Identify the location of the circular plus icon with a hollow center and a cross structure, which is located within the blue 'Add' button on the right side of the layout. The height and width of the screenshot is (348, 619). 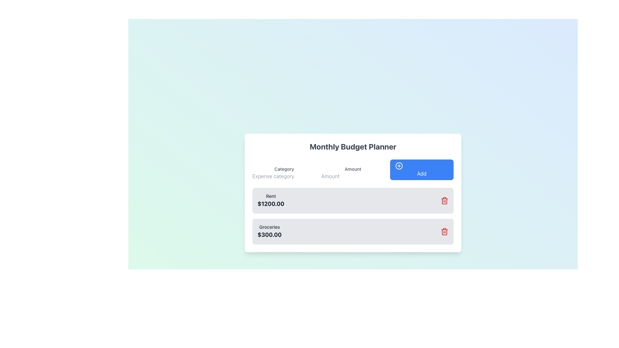
(398, 166).